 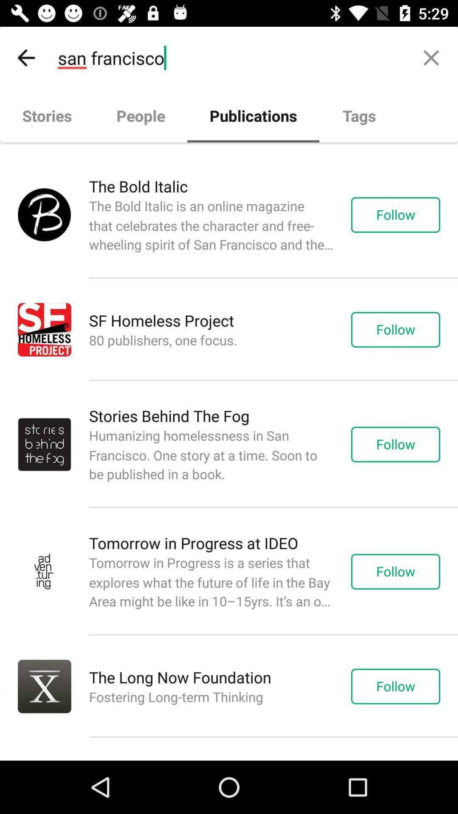 I want to click on item next to san francisco icon, so click(x=431, y=57).